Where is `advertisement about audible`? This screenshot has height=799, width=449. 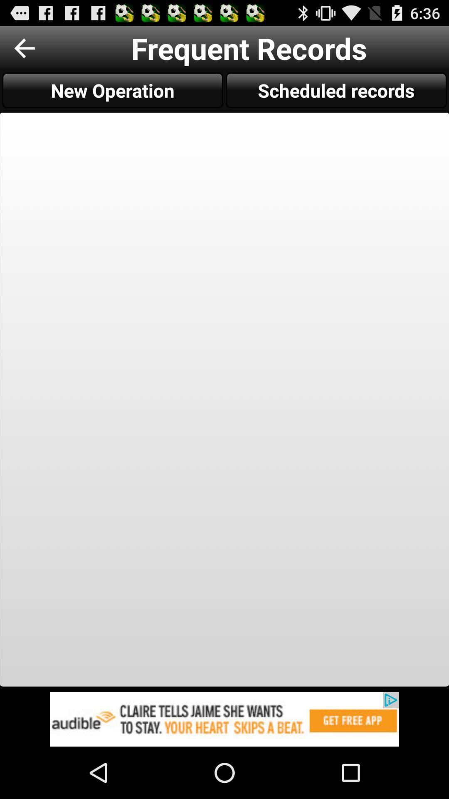 advertisement about audible is located at coordinates (224, 719).